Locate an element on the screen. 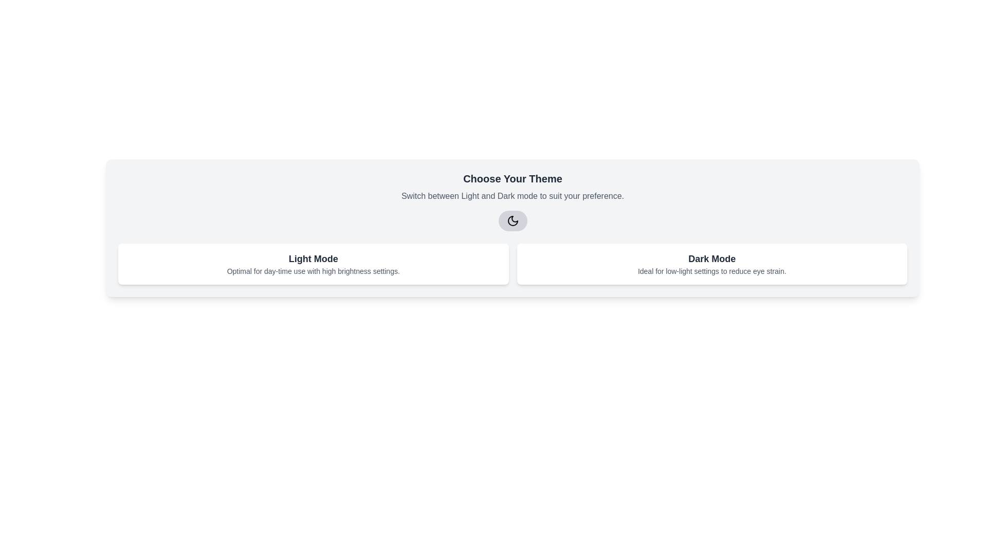 Image resolution: width=987 pixels, height=555 pixels. label text indicating the 'Light Mode' theme selection option, which is centrally aligned above the features description within the dual-option panel is located at coordinates (313, 258).